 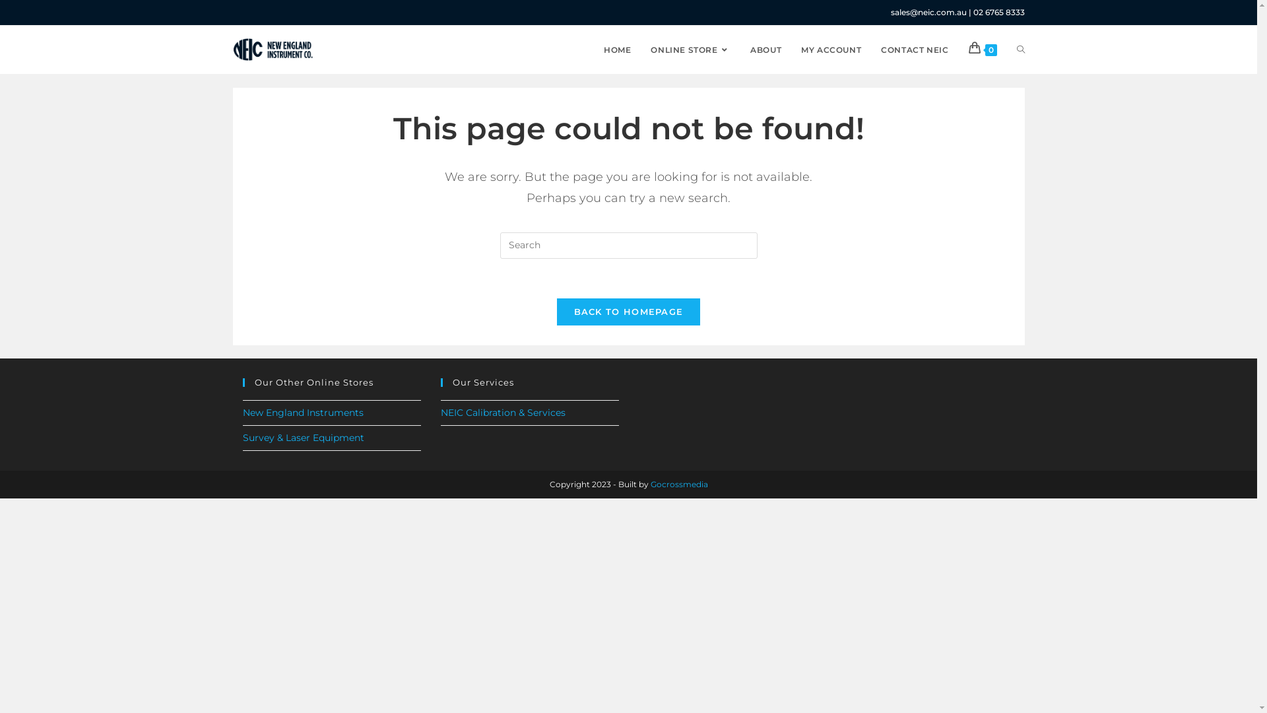 What do you see at coordinates (616, 49) in the screenshot?
I see `'HOME'` at bounding box center [616, 49].